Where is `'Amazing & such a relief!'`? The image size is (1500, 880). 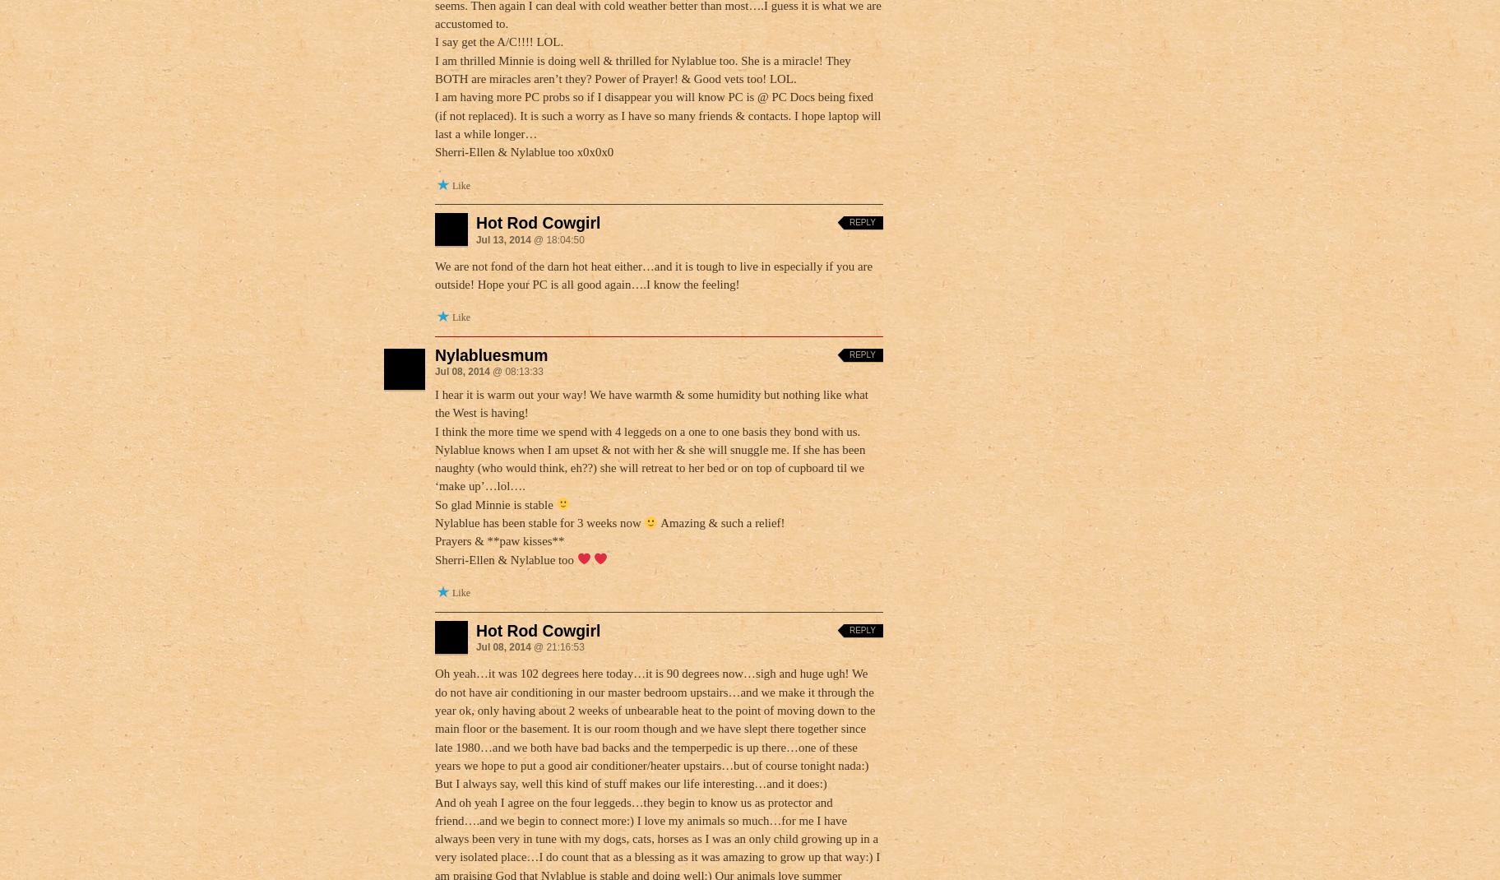
'Amazing & such a relief!' is located at coordinates (720, 523).